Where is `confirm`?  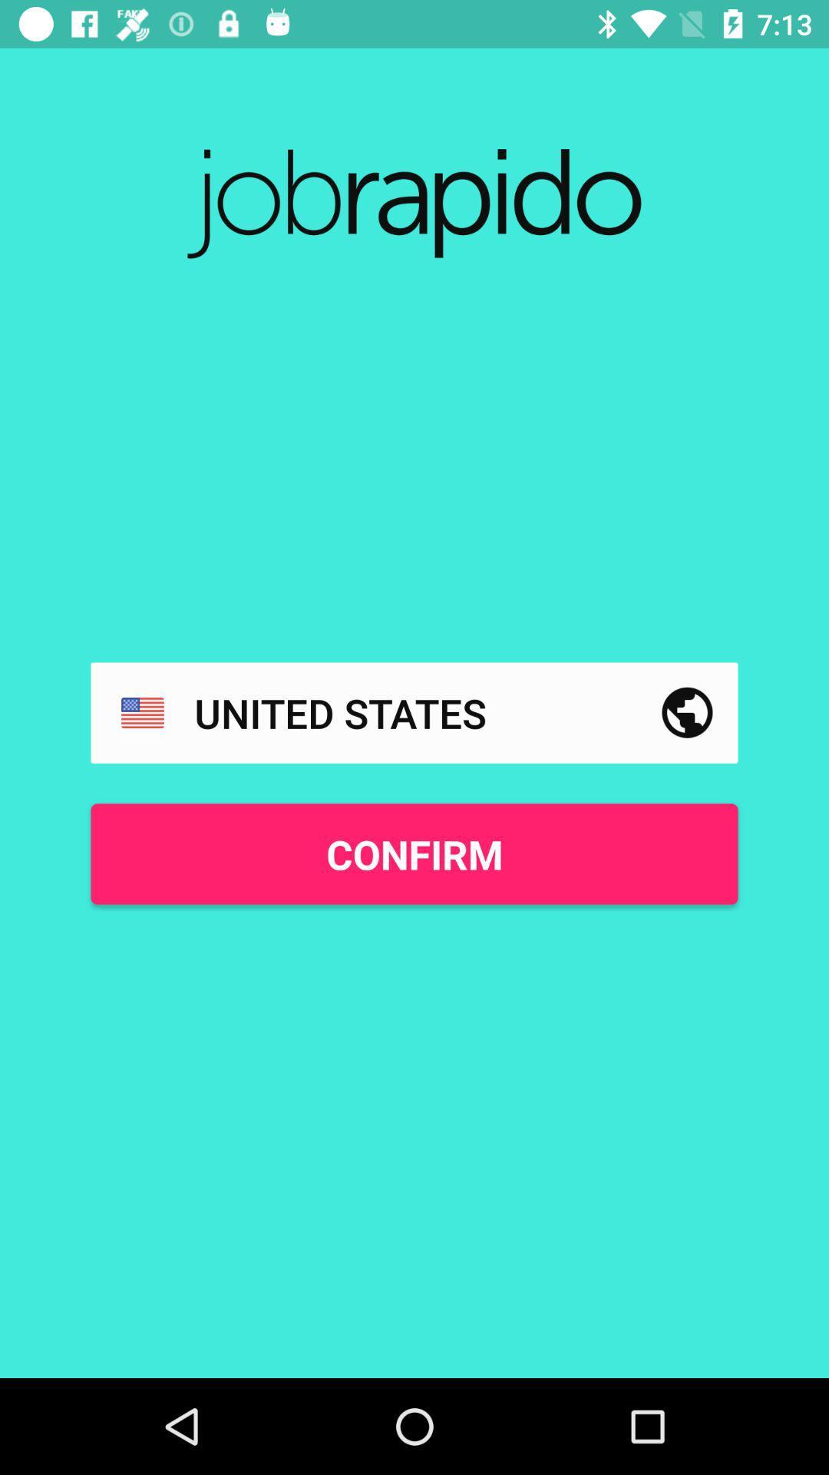 confirm is located at coordinates (414, 853).